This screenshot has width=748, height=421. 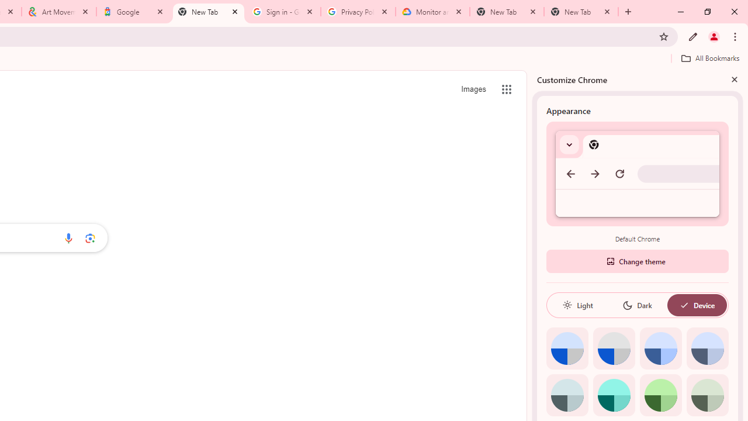 What do you see at coordinates (636, 261) in the screenshot?
I see `'Change theme'` at bounding box center [636, 261].